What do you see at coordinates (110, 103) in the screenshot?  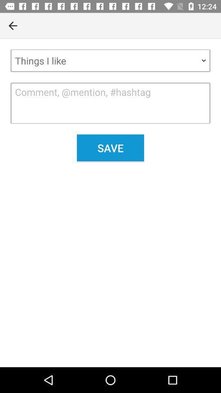 I see `the comments box` at bounding box center [110, 103].